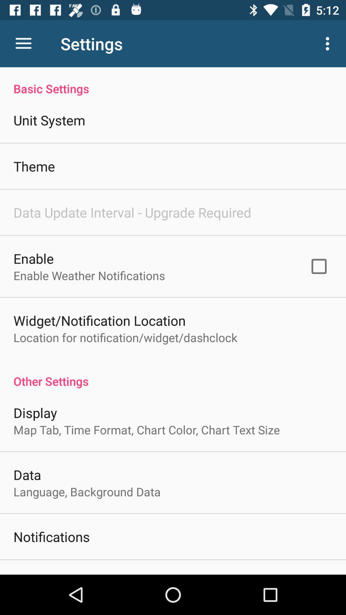  Describe the element at coordinates (87, 491) in the screenshot. I see `item below data item` at that location.